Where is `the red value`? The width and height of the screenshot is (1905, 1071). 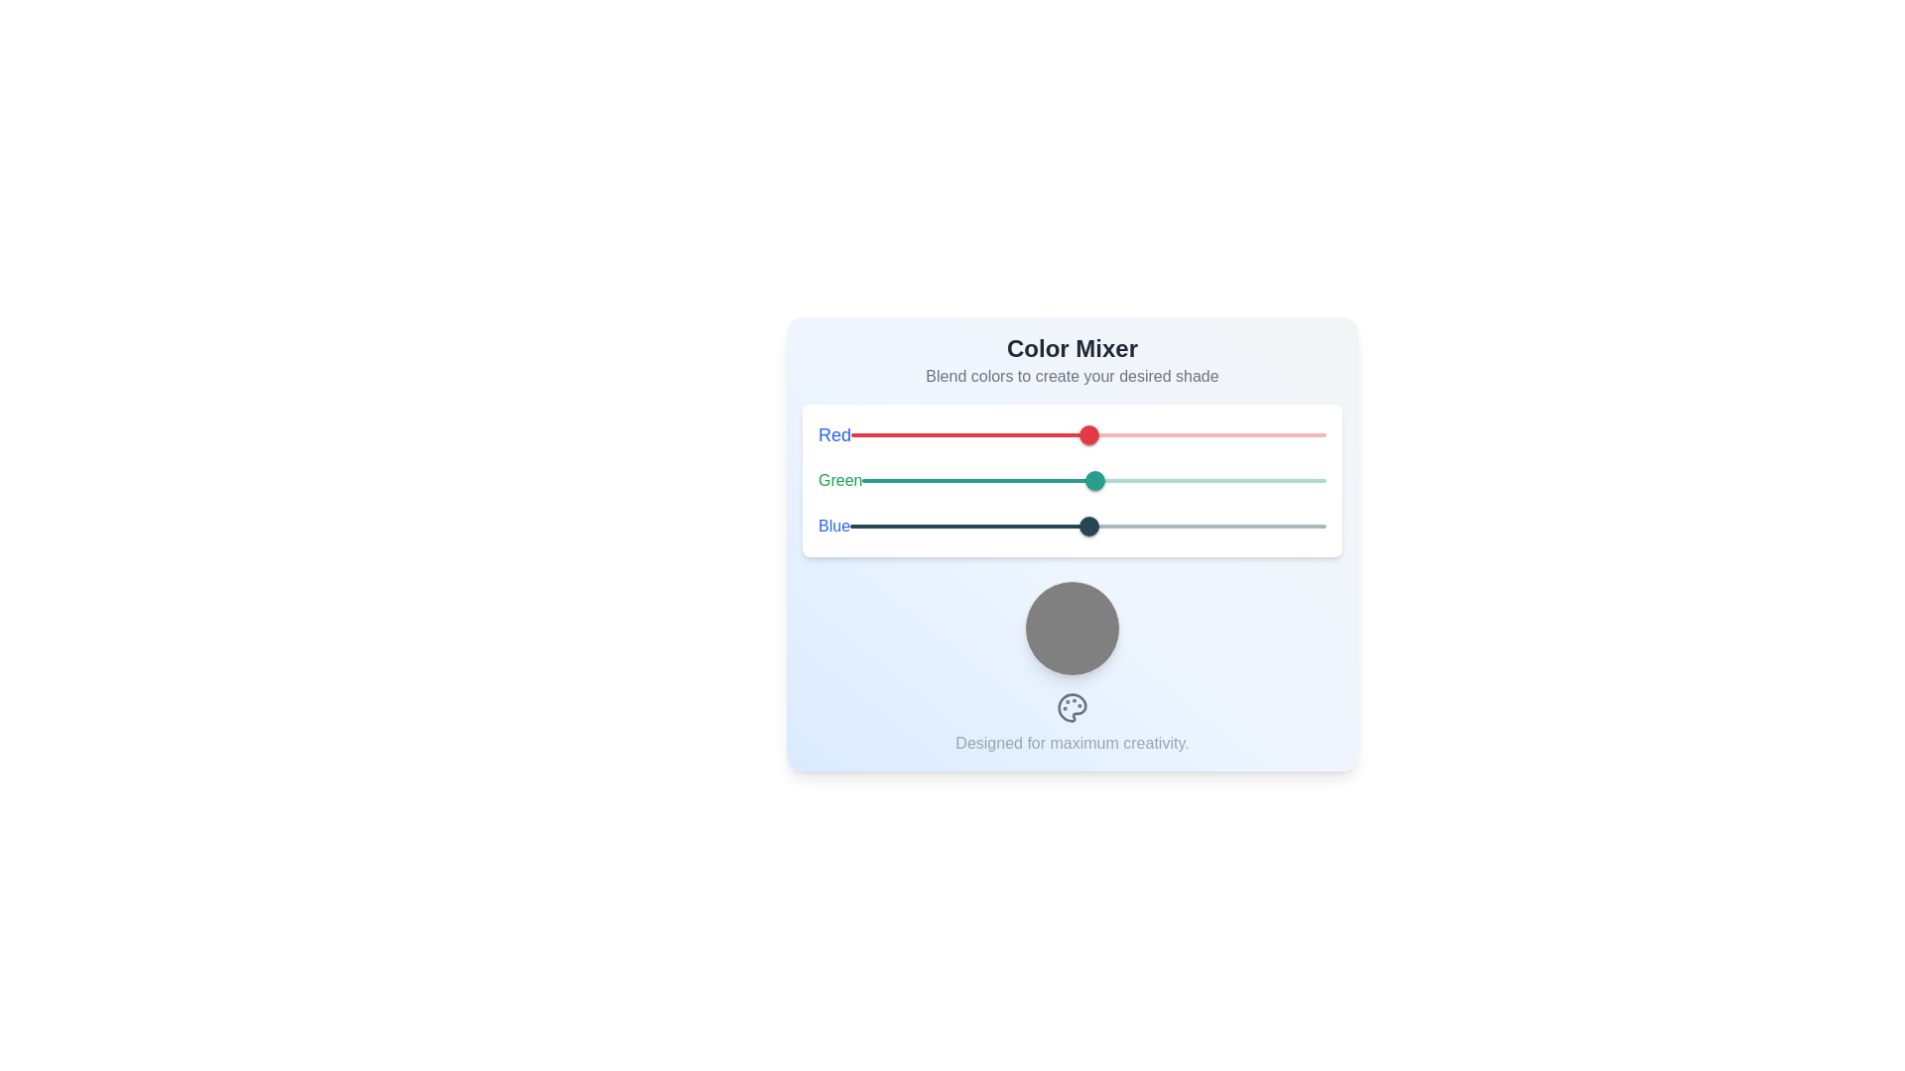 the red value is located at coordinates (1325, 434).